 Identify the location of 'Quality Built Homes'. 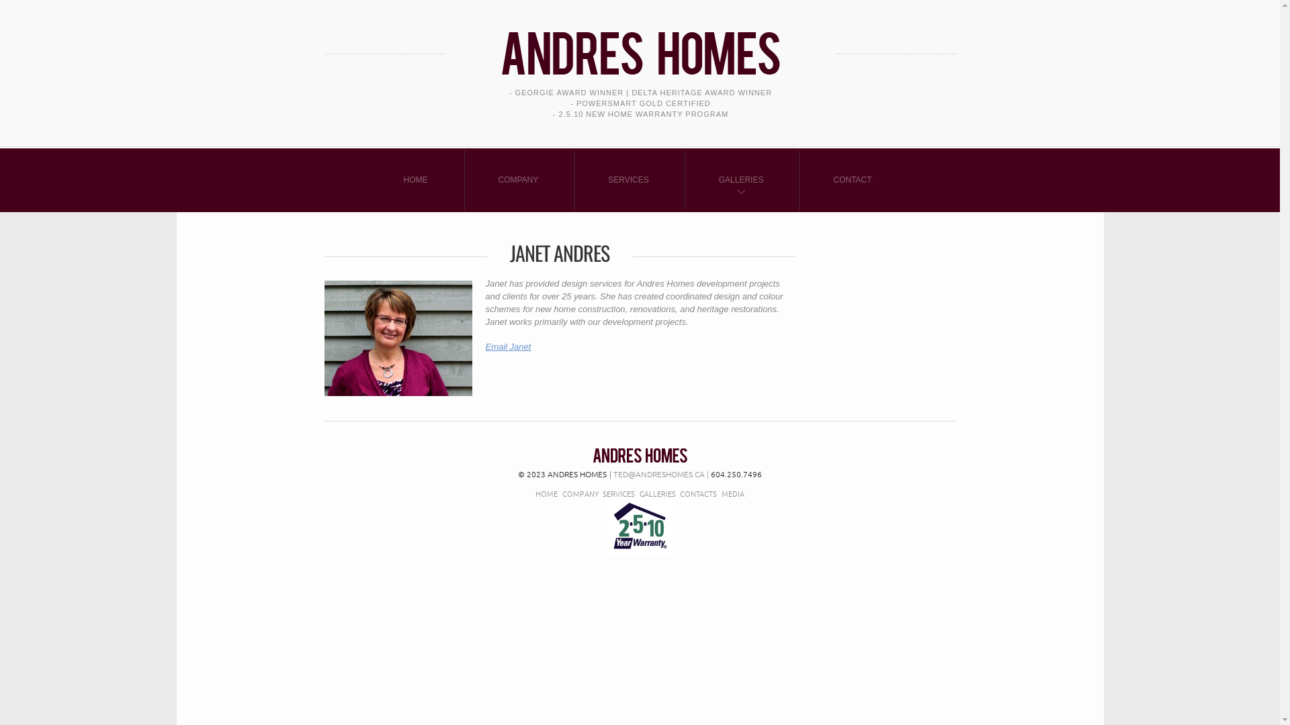
(592, 454).